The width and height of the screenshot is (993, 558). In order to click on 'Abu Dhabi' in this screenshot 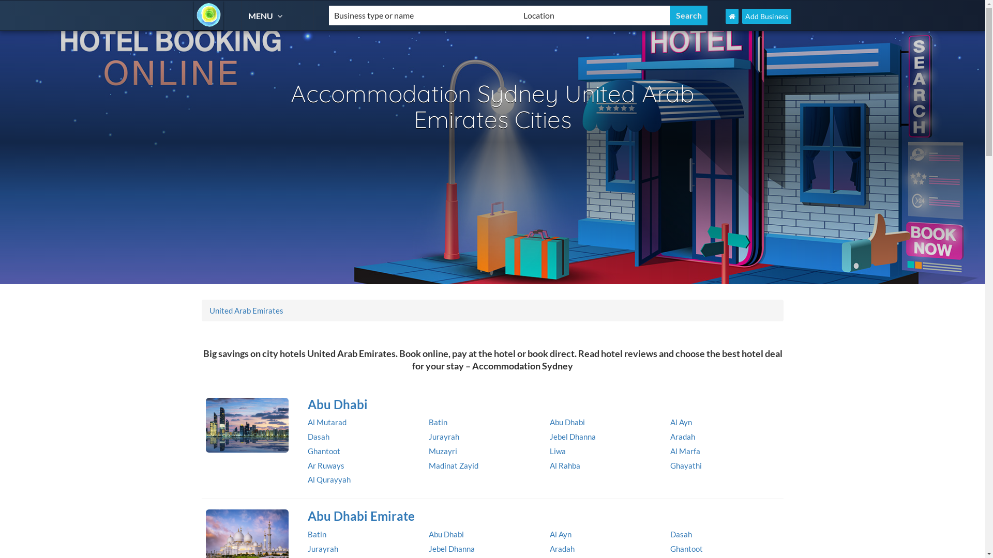, I will do `click(446, 534)`.